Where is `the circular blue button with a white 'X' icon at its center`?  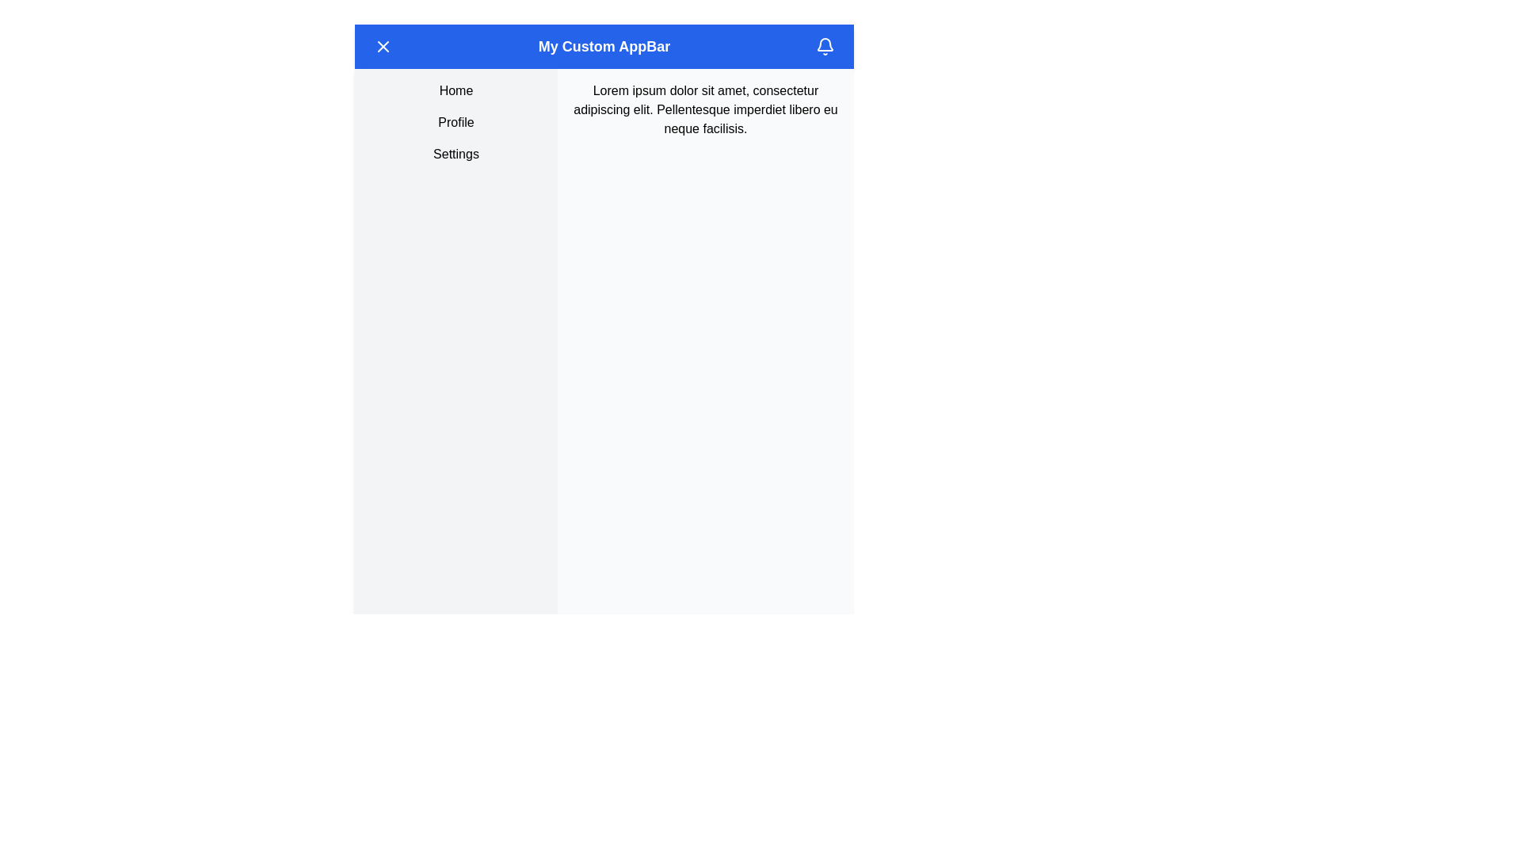
the circular blue button with a white 'X' icon at its center is located at coordinates (383, 45).